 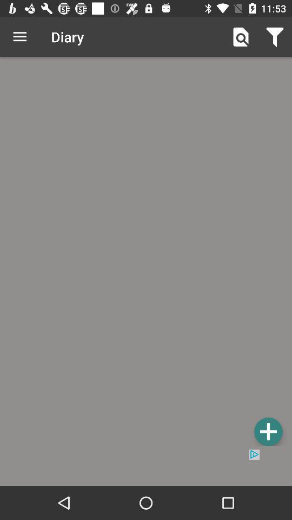 I want to click on icon next to the diary, so click(x=19, y=37).